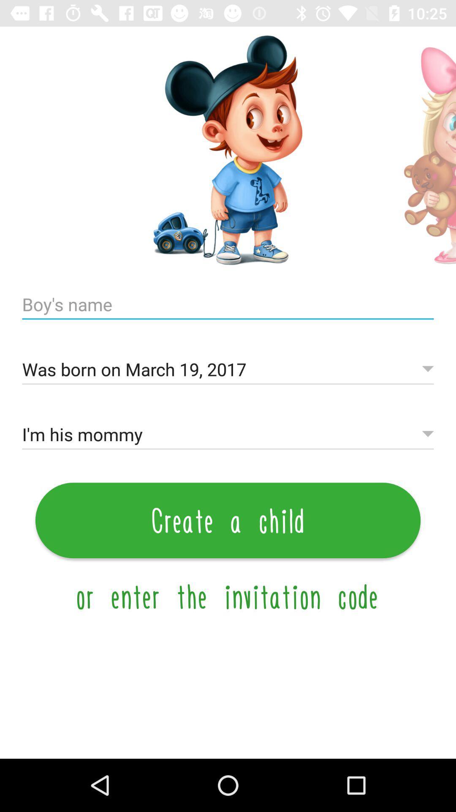 This screenshot has width=456, height=812. I want to click on the item above the was born on, so click(228, 304).